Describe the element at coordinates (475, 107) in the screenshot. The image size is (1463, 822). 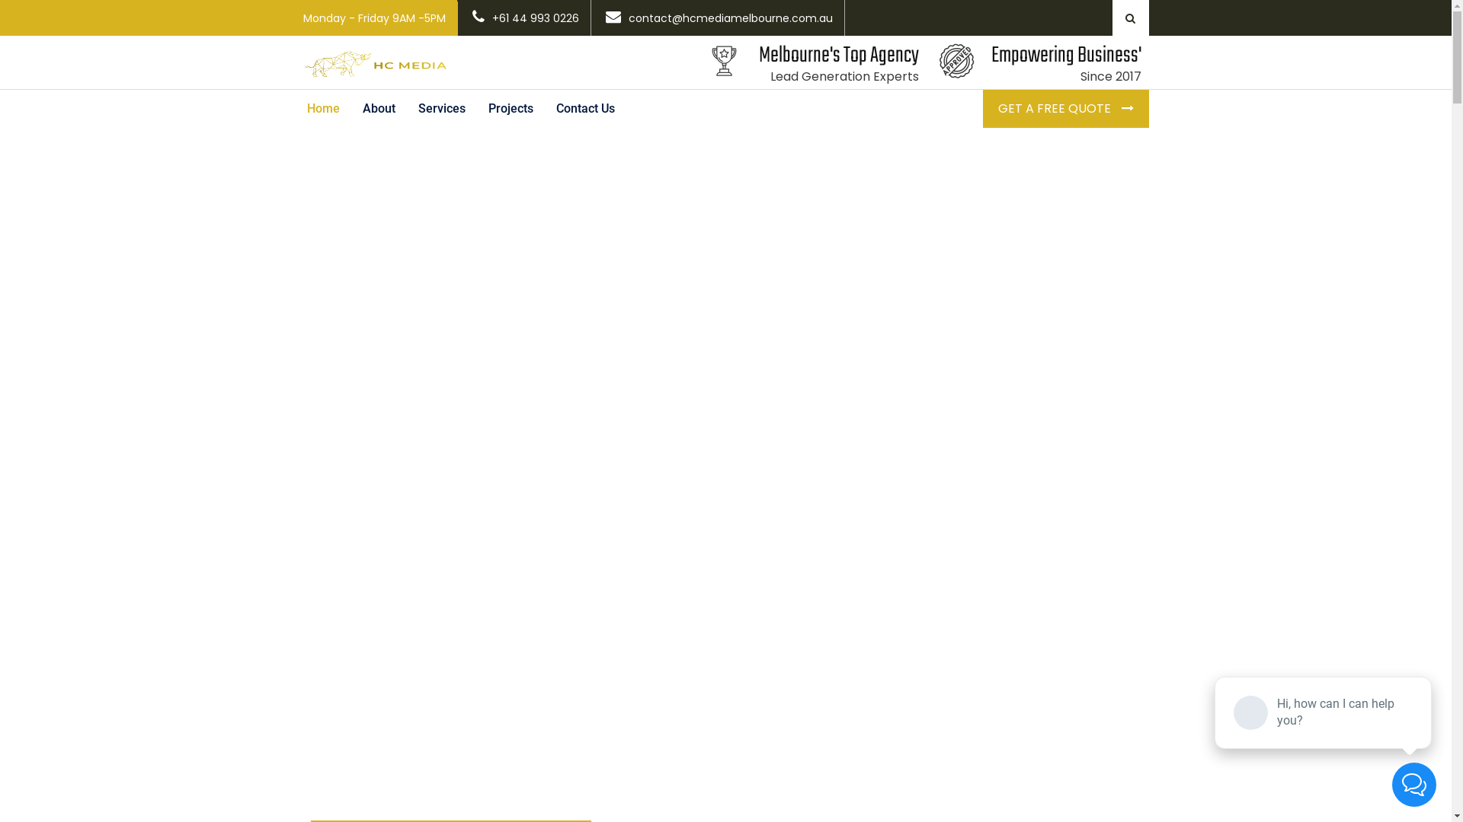
I see `'Projects'` at that location.